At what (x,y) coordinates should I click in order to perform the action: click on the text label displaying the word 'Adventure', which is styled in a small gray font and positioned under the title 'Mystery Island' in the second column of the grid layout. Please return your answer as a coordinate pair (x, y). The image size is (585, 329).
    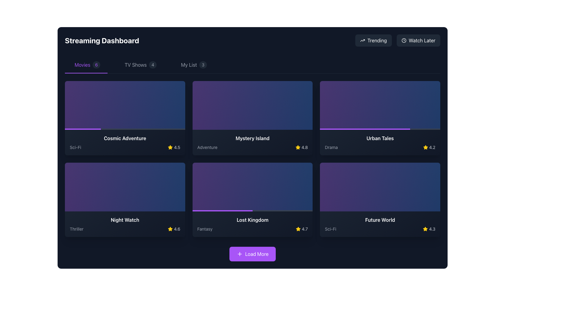
    Looking at the image, I should click on (207, 147).